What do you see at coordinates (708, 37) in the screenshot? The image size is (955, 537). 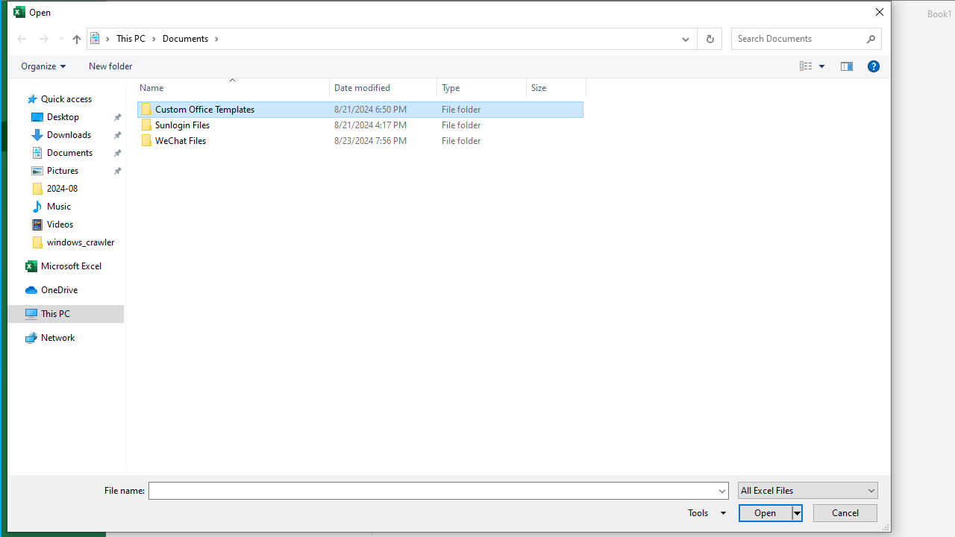 I see `'Refresh "Documents" (F5)'` at bounding box center [708, 37].